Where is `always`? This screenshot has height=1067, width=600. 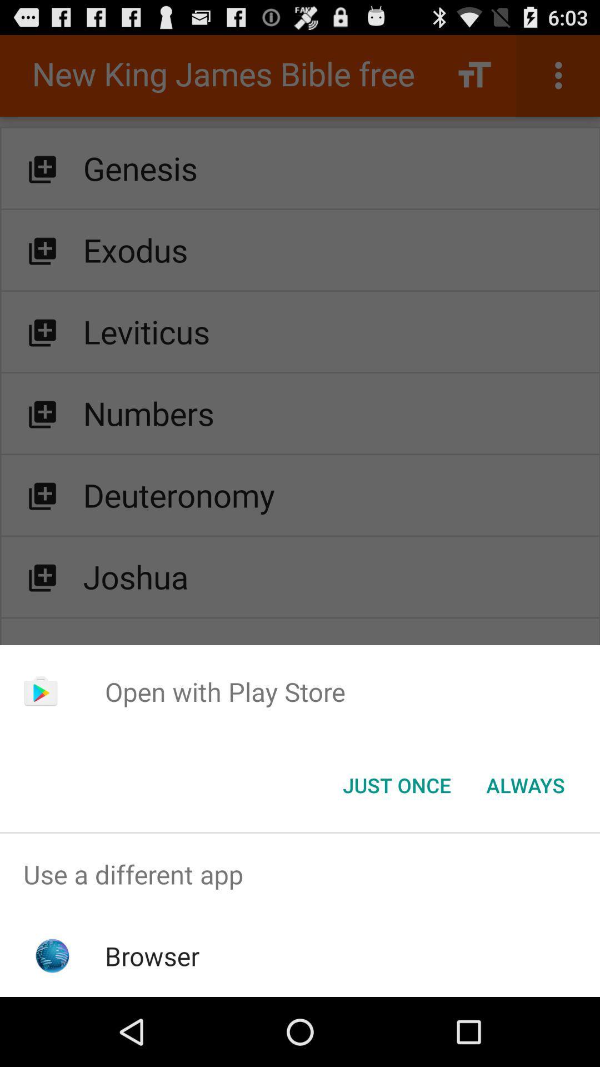 always is located at coordinates (525, 784).